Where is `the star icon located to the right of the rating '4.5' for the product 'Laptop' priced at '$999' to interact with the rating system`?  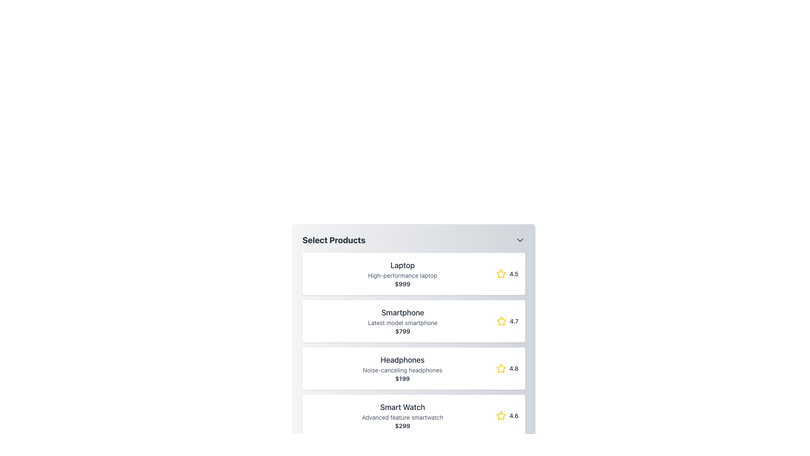
the star icon located to the right of the rating '4.5' for the product 'Laptop' priced at '$999' to interact with the rating system is located at coordinates (501, 274).